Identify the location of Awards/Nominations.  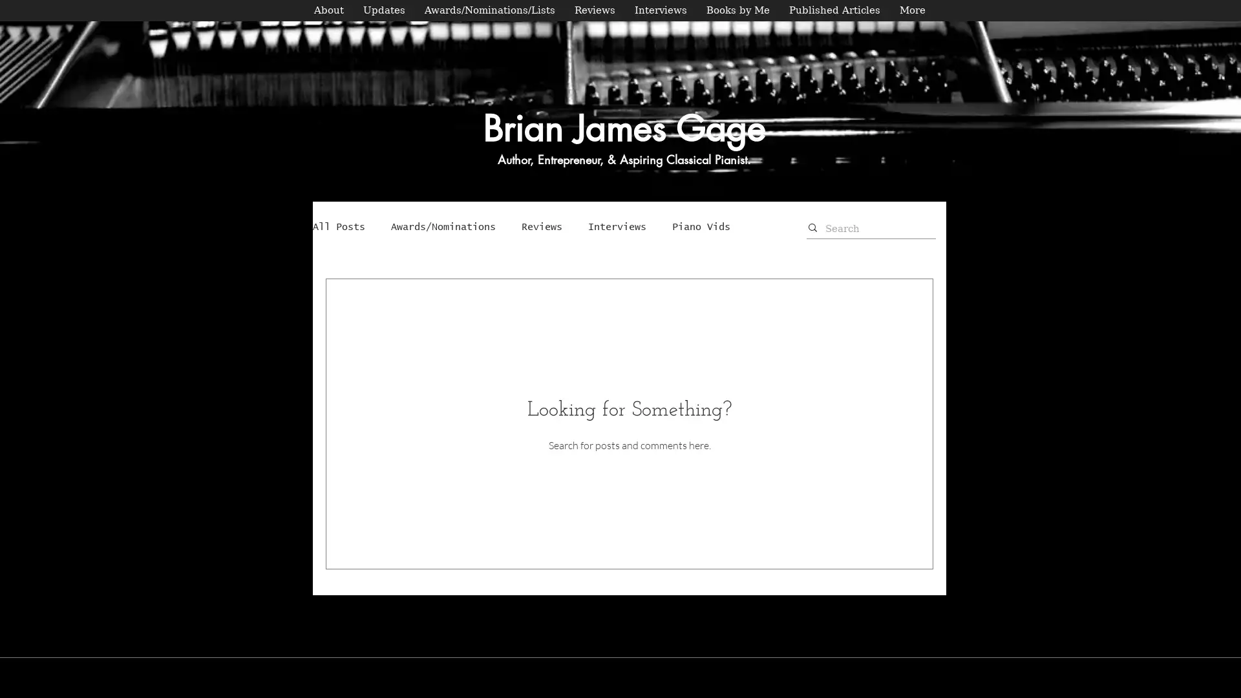
(443, 226).